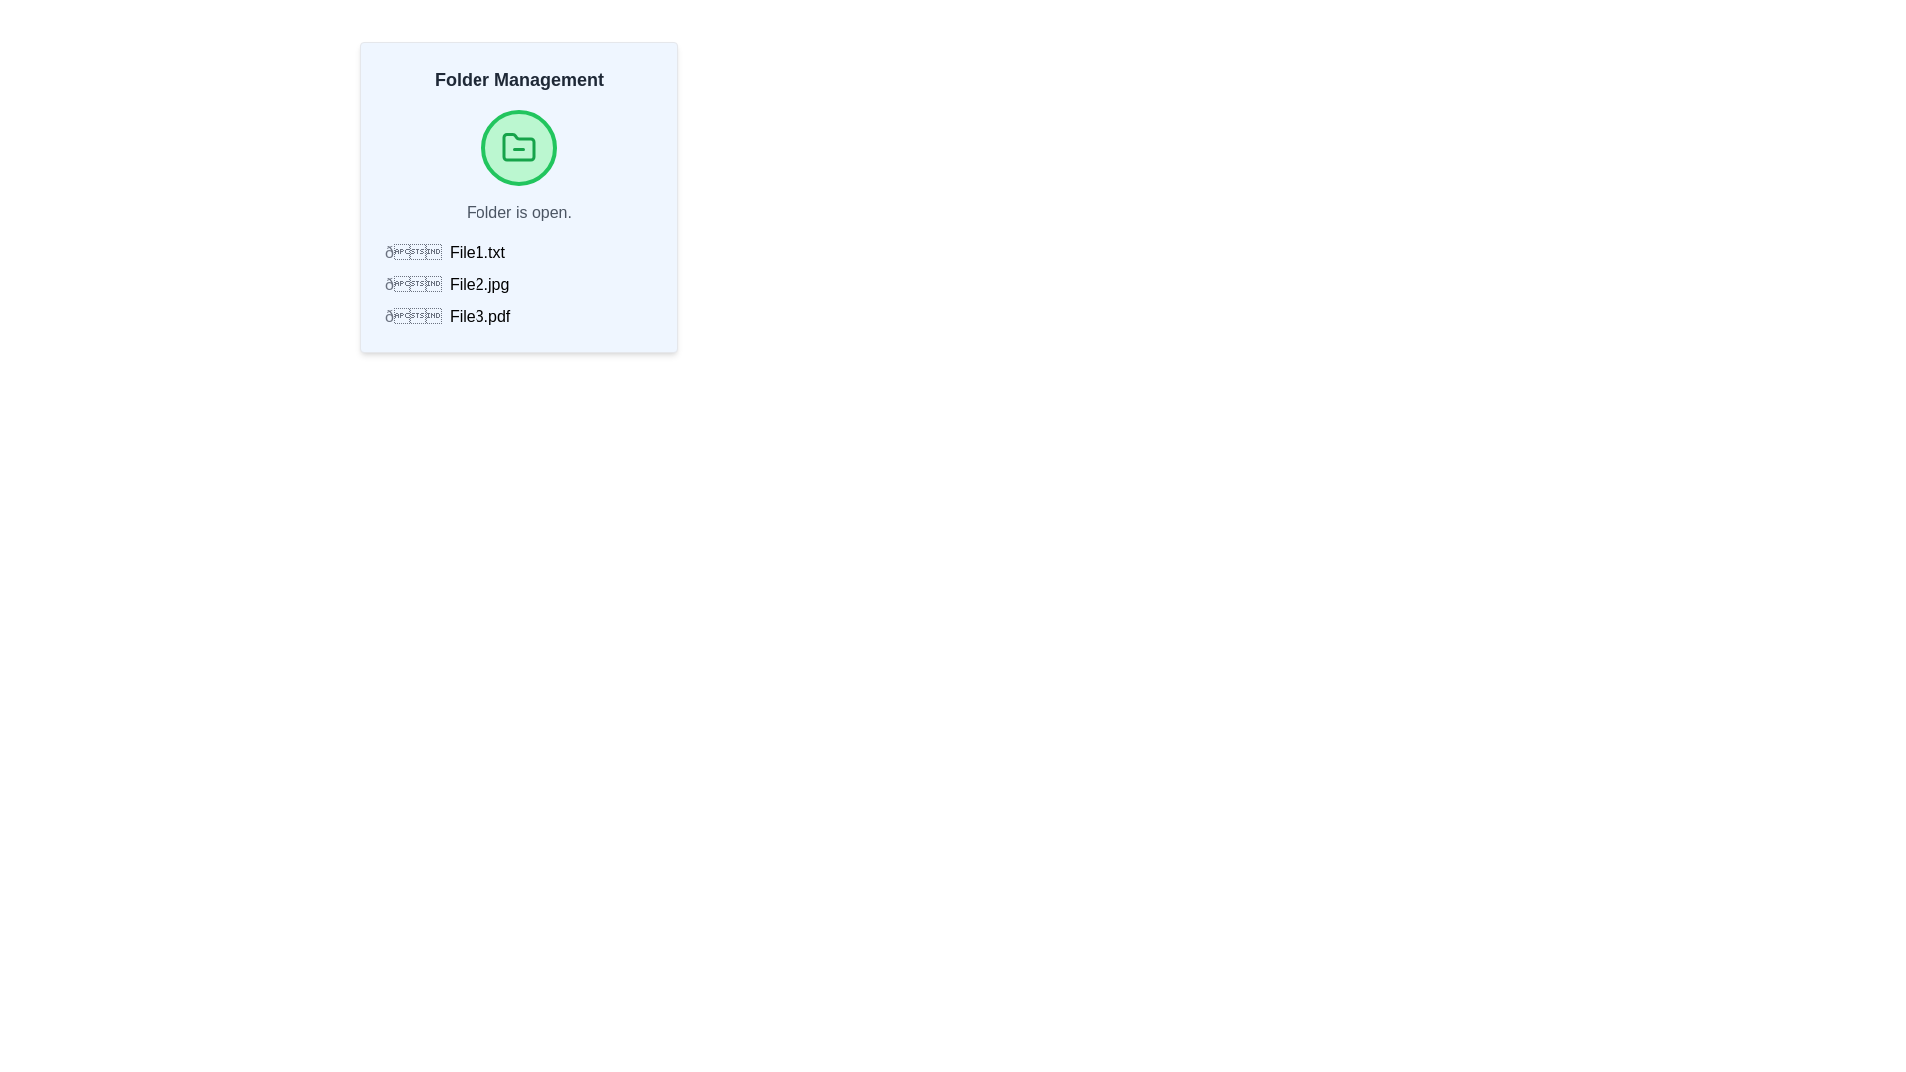 The image size is (1906, 1072). I want to click on the 'Remove from folder' icon within the green circular frame, located in the 'Folder Management' section, so click(519, 147).